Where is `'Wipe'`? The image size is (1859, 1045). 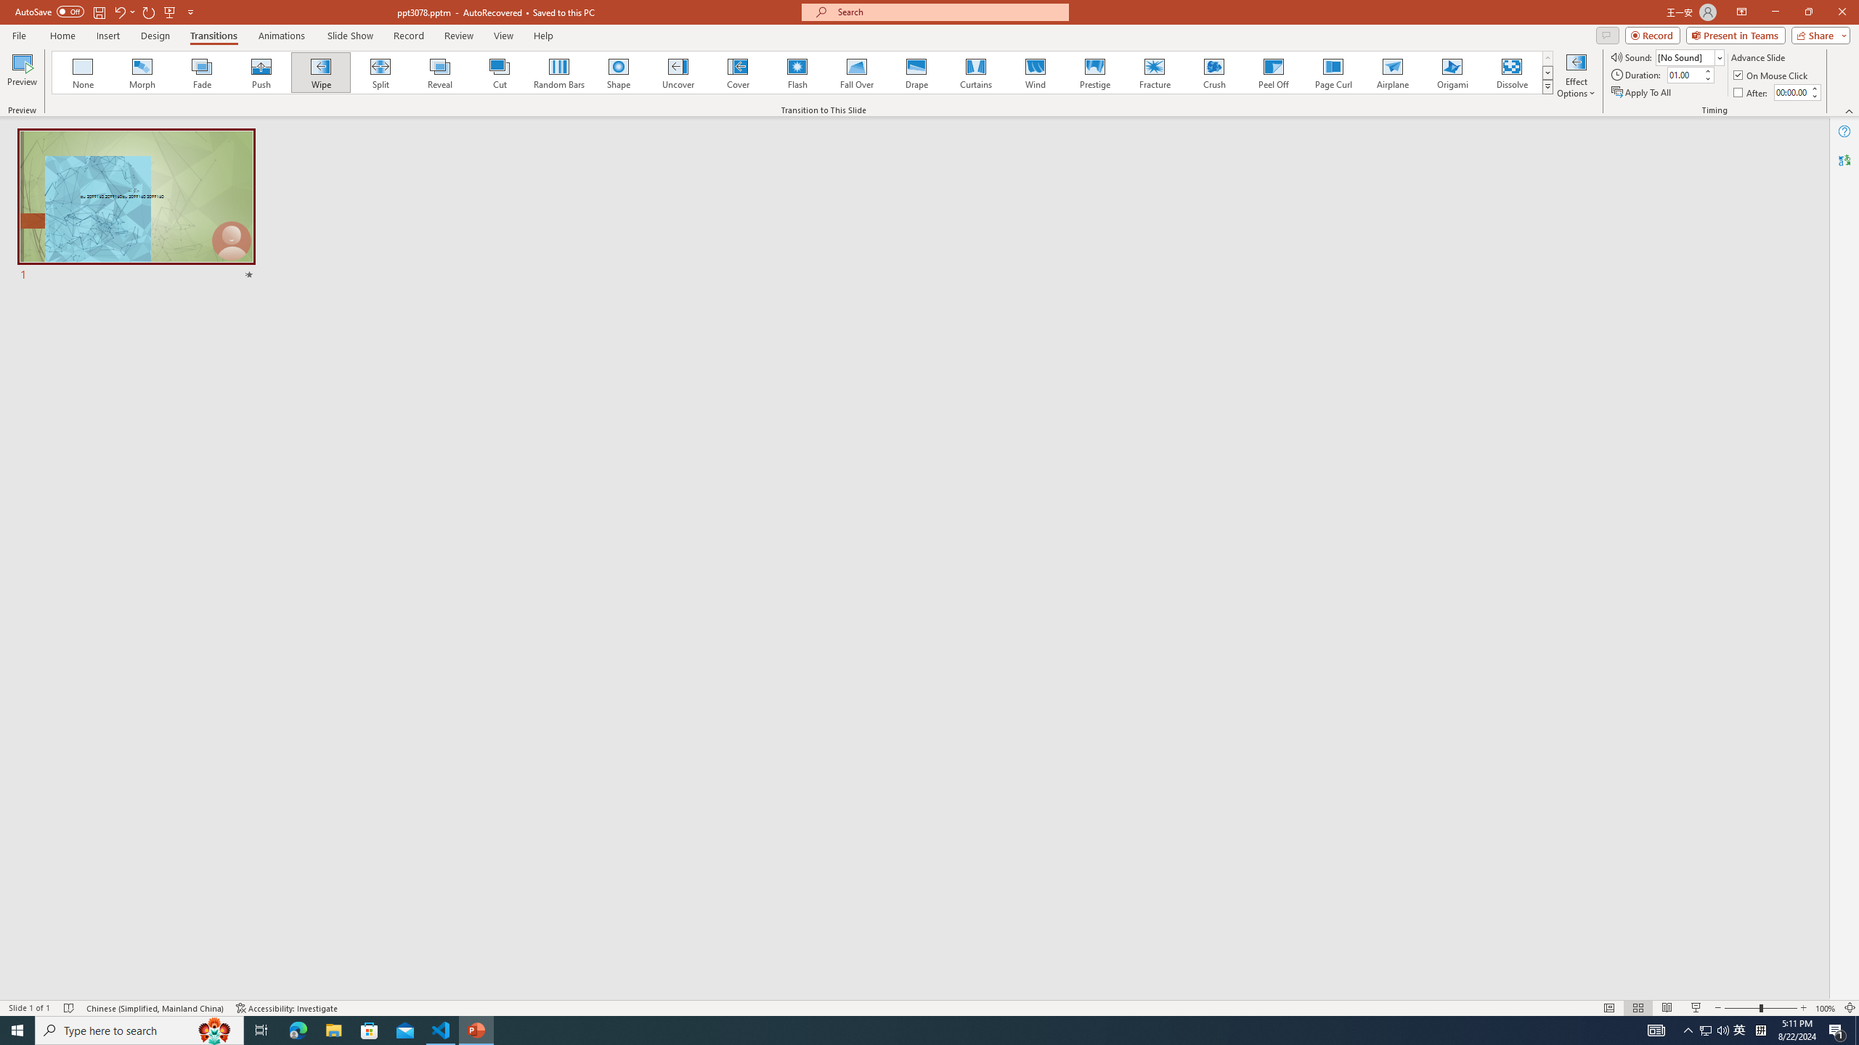
'Wipe' is located at coordinates (320, 72).